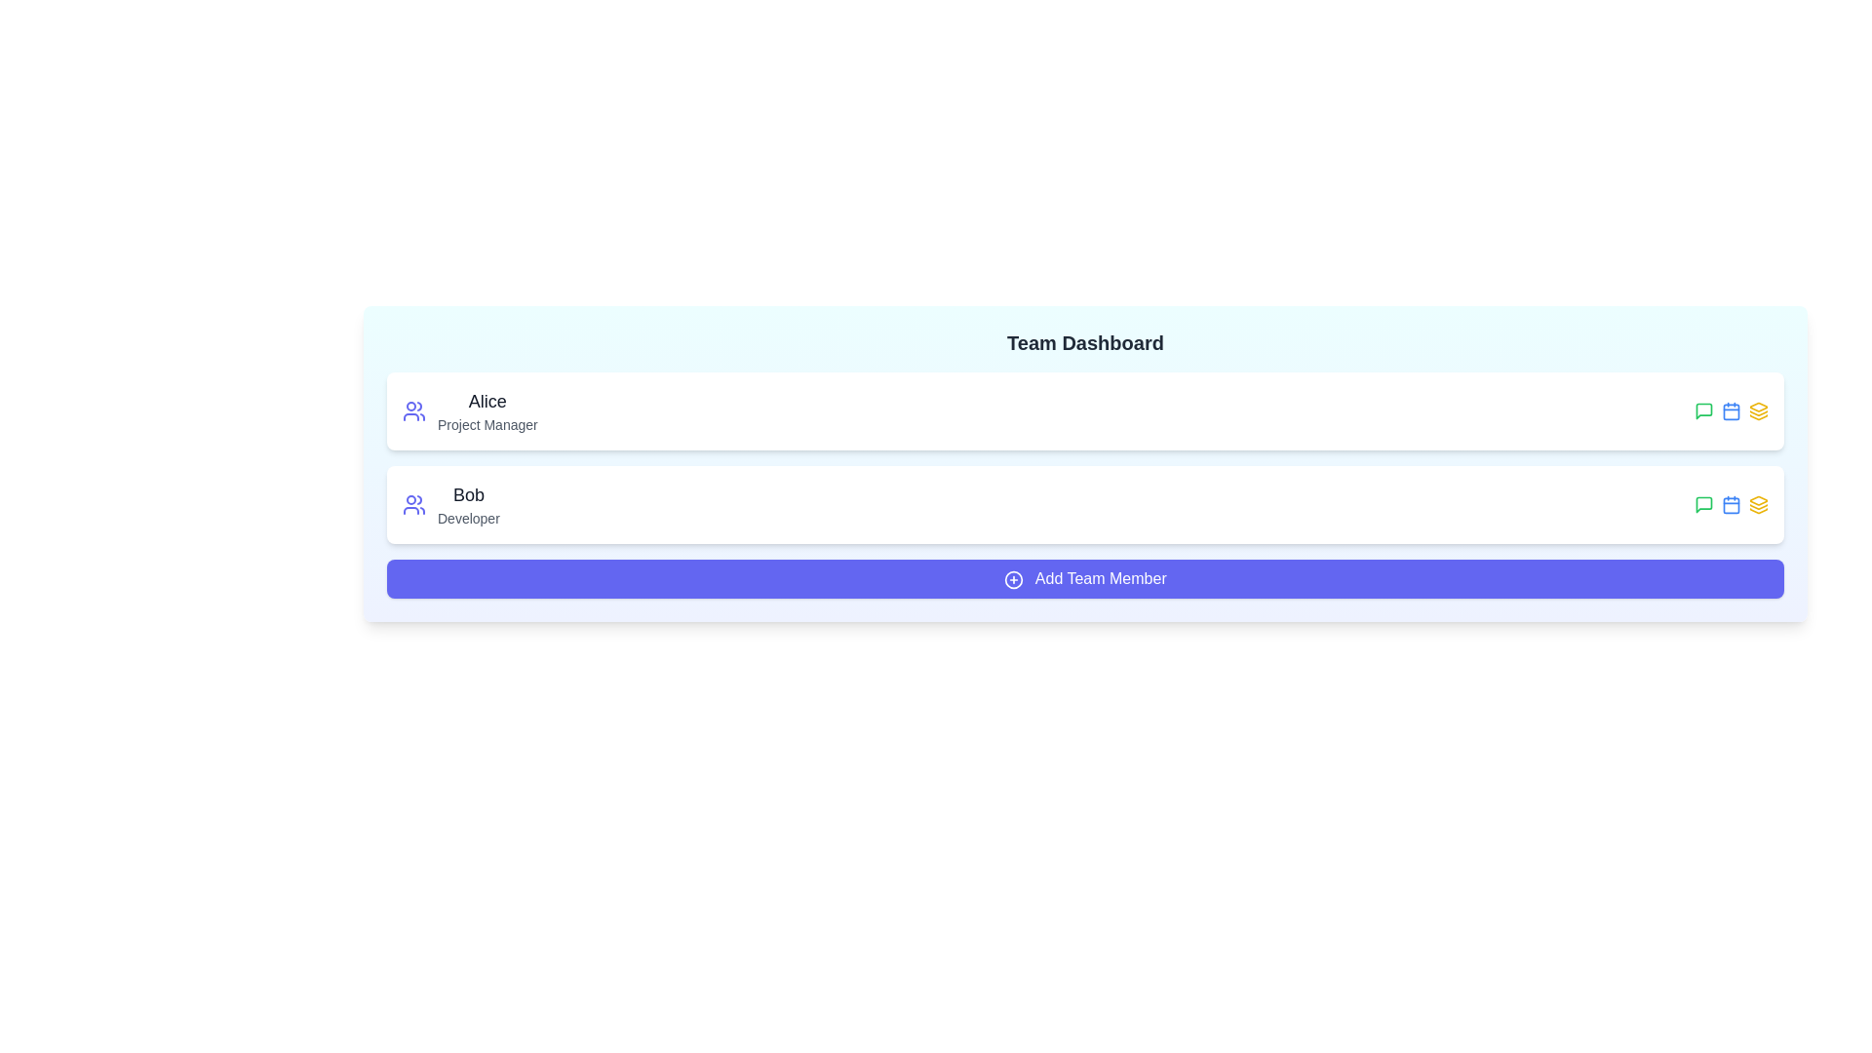  Describe the element at coordinates (1759, 503) in the screenshot. I see `the yellow layered design icon` at that location.